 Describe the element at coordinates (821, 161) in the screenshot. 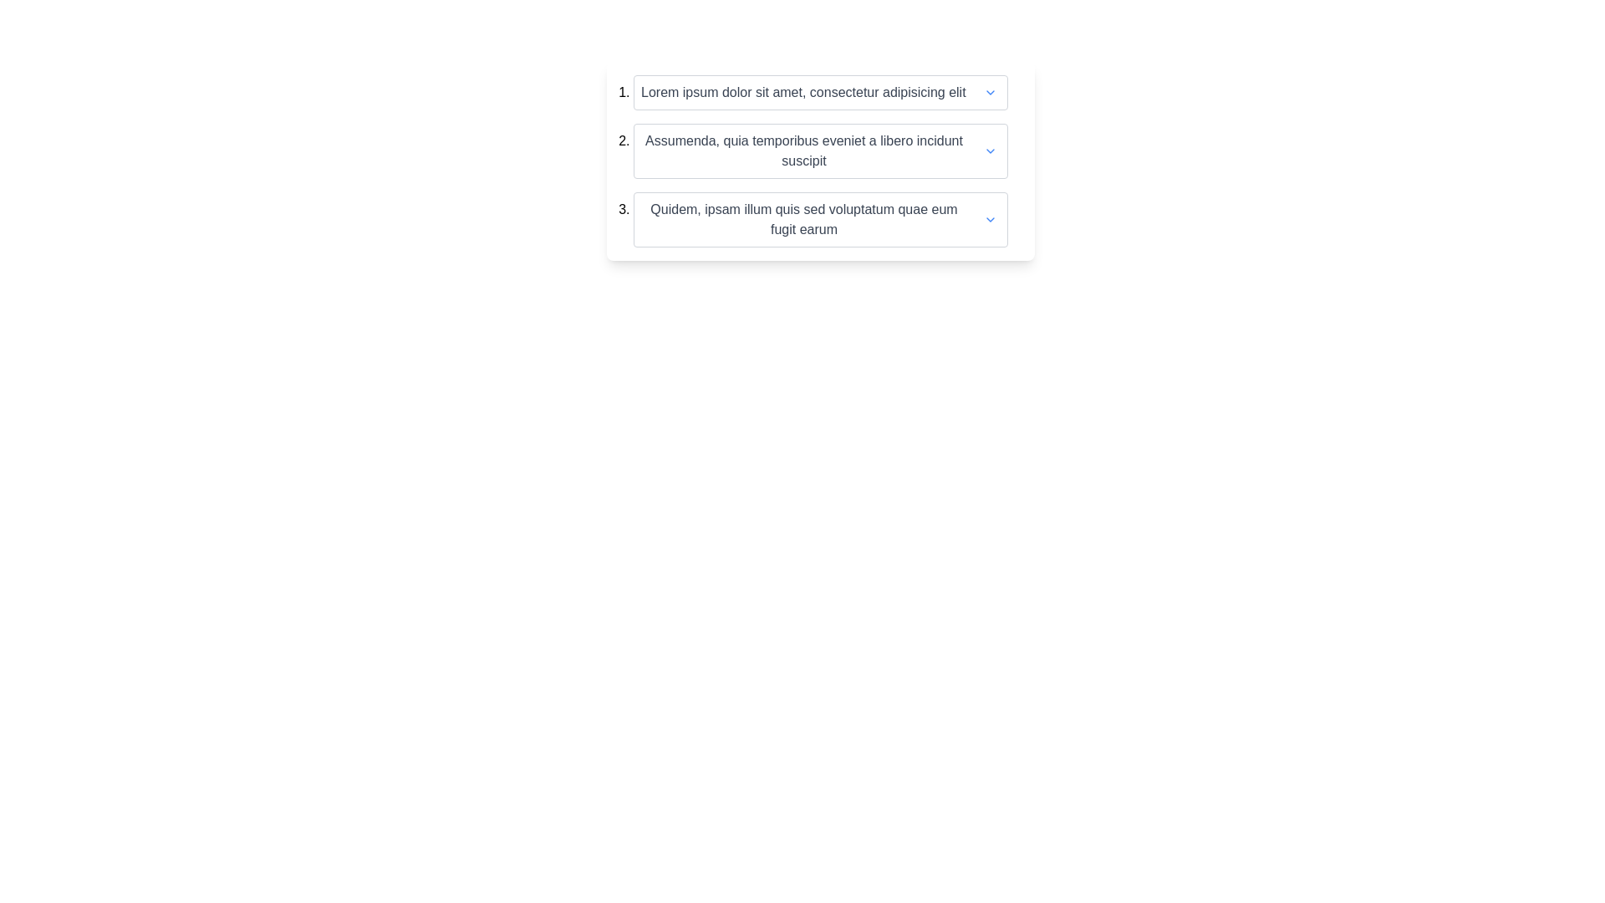

I see `text content of the second item in a vertical list that features a dropdown functionality` at that location.